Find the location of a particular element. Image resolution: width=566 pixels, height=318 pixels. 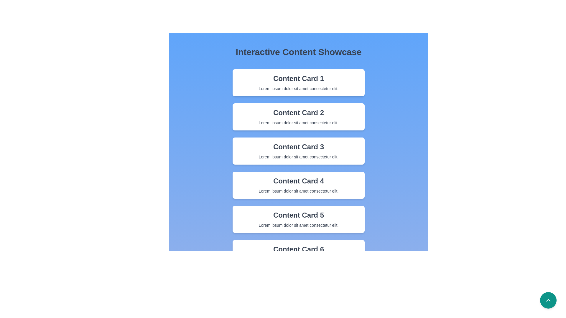

text label that serves as the title for the second card in the collection of displayed cards, positioned centrally below the first card and above the third card is located at coordinates (298, 112).